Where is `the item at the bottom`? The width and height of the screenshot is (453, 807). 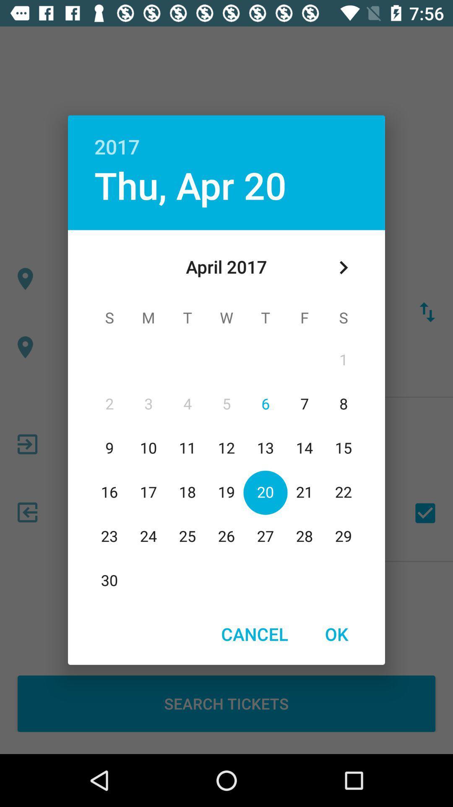 the item at the bottom is located at coordinates (254, 634).